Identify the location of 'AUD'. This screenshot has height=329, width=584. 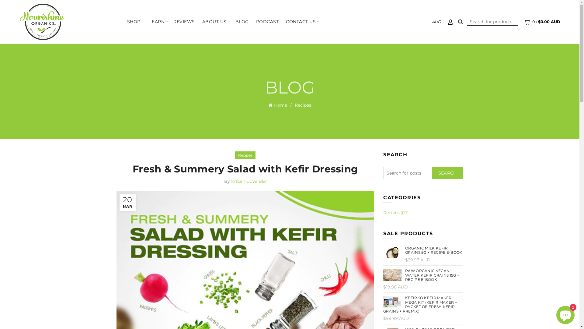
(436, 21).